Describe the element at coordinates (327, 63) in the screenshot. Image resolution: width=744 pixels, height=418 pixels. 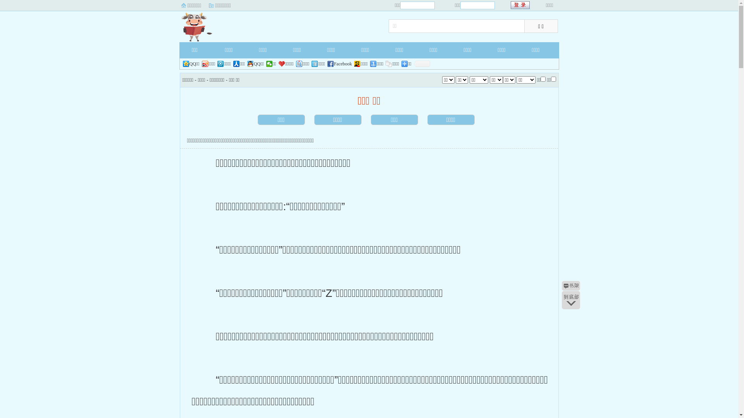
I see `'Facebook'` at that location.